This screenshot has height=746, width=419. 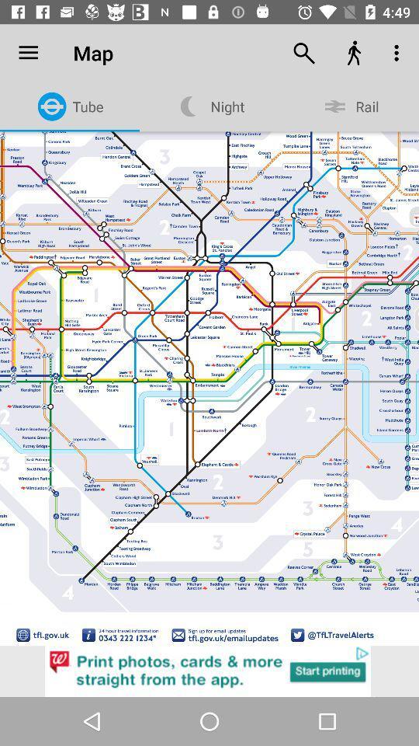 I want to click on to bookmark, so click(x=19, y=69).